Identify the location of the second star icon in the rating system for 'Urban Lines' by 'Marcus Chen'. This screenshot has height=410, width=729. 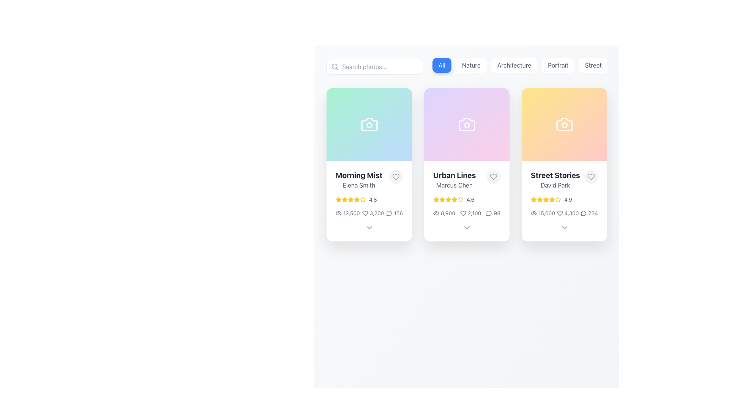
(442, 199).